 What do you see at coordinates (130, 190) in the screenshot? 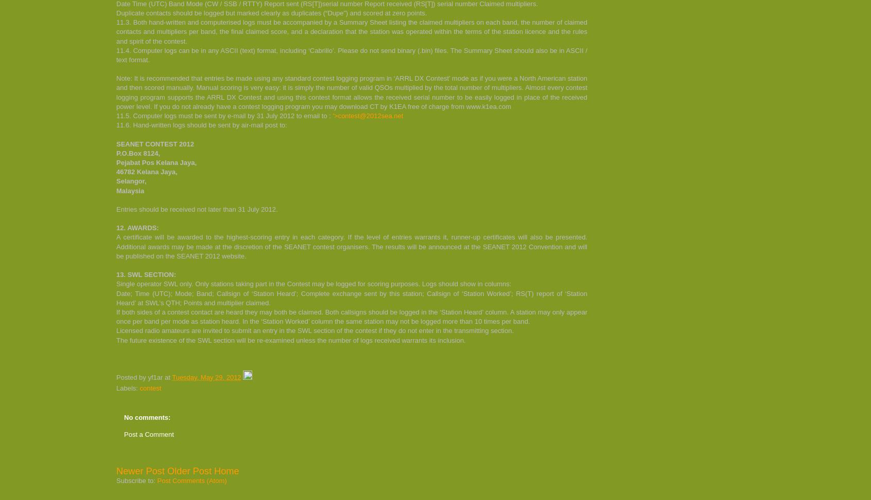
I see `'Malaysia'` at bounding box center [130, 190].